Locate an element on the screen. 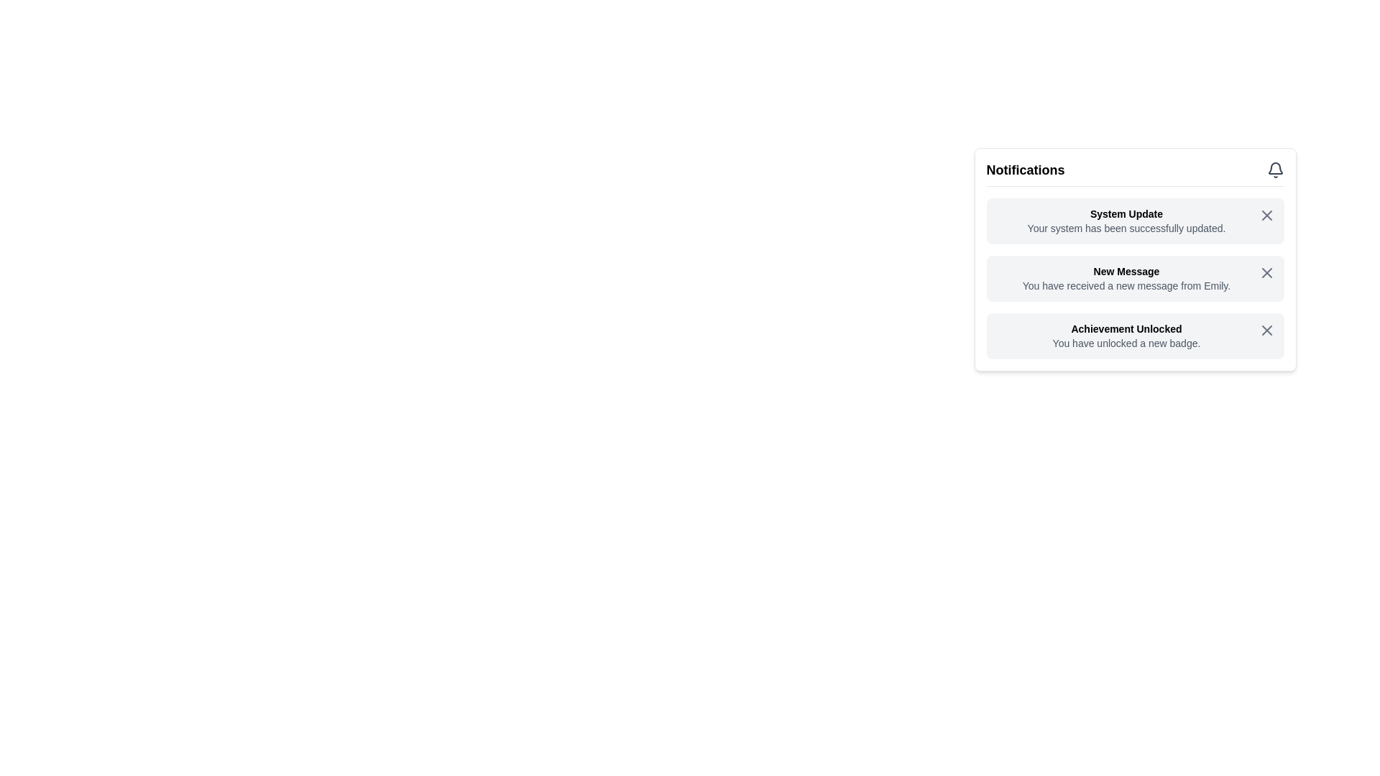  the static text element displaying 'You have unlocked a new badge.' which is styled in grey and placed beneath the heading 'Achievement Unlocked' is located at coordinates (1126, 343).